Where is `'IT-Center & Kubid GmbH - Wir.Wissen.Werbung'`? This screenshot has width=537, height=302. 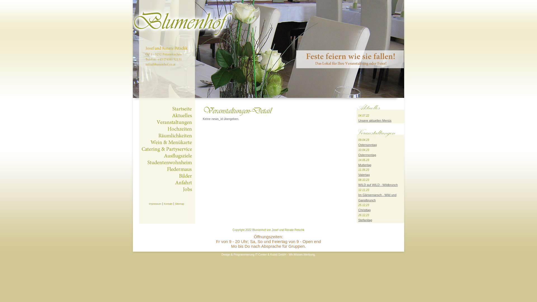 'IT-Center & Kubid GmbH - Wir.Wissen.Werbung' is located at coordinates (285, 254).